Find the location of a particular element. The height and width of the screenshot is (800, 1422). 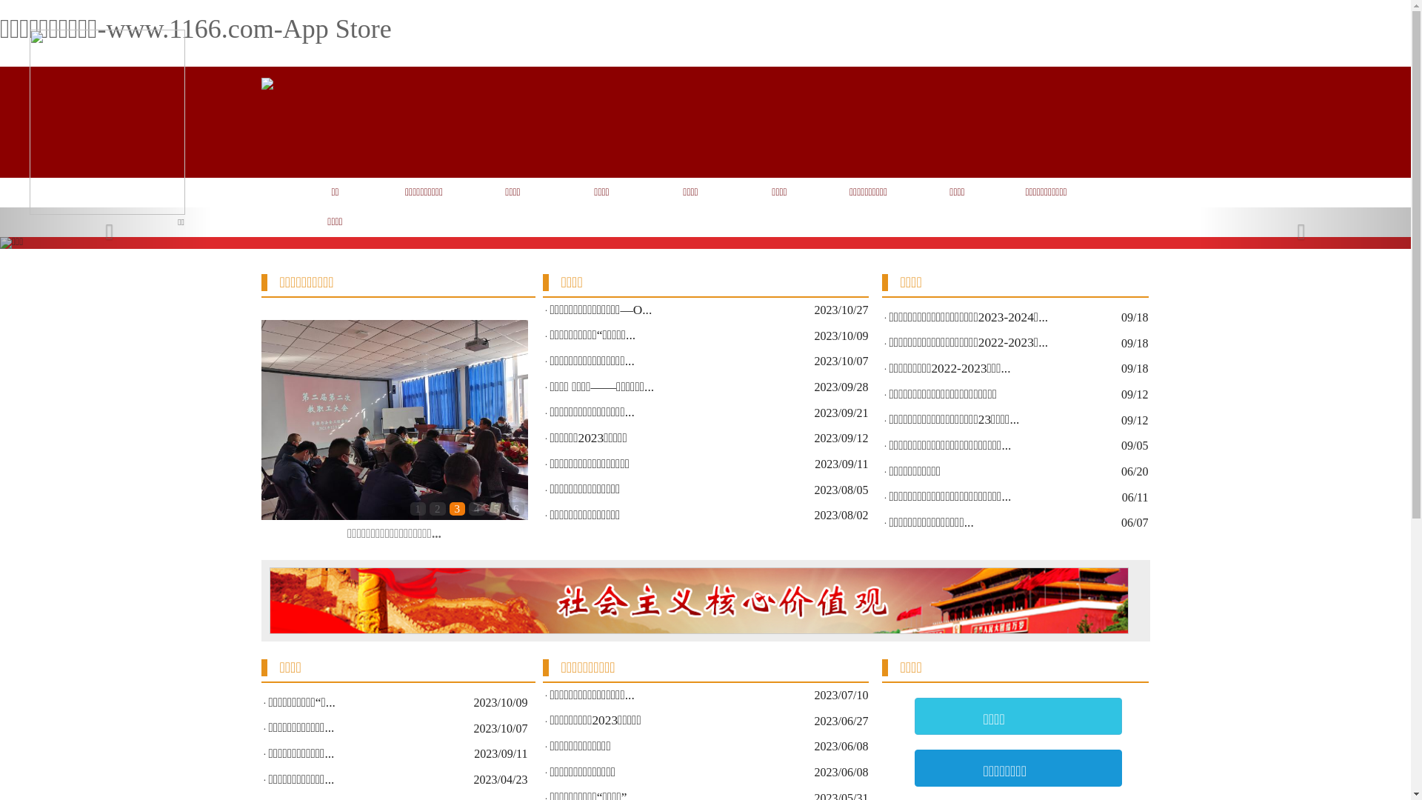

'<' is located at coordinates (275, 431).